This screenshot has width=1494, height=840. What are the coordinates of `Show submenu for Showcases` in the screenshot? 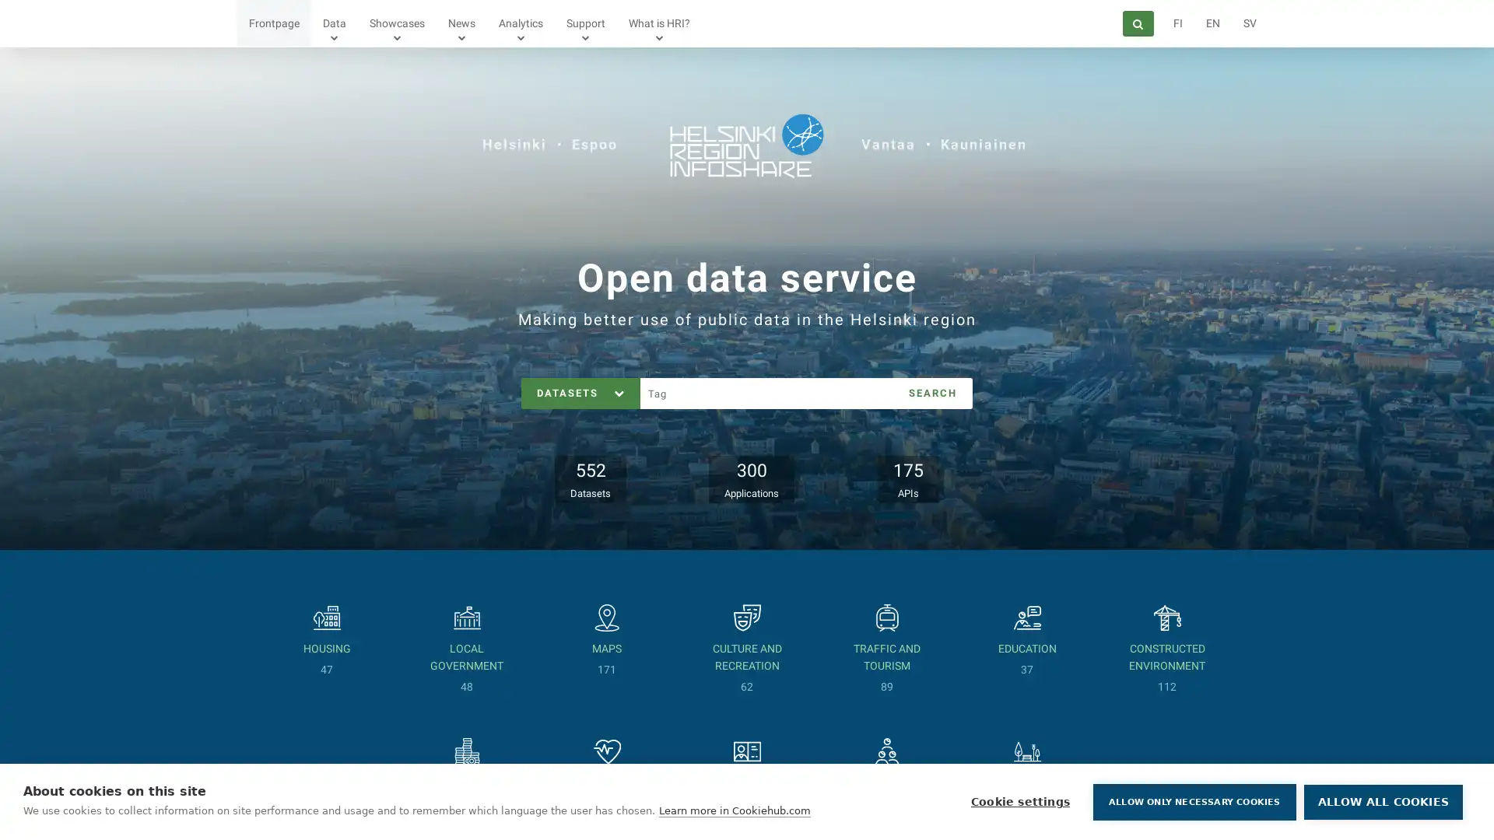 It's located at (397, 30).